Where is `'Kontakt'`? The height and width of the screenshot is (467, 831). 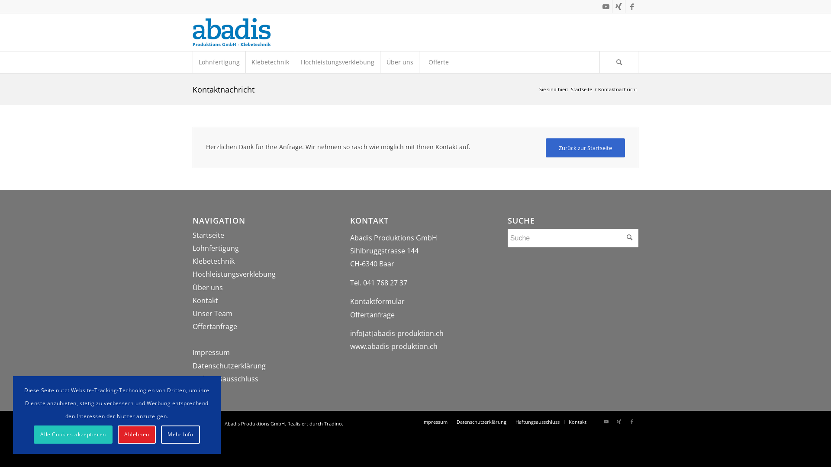 'Kontakt' is located at coordinates (569, 421).